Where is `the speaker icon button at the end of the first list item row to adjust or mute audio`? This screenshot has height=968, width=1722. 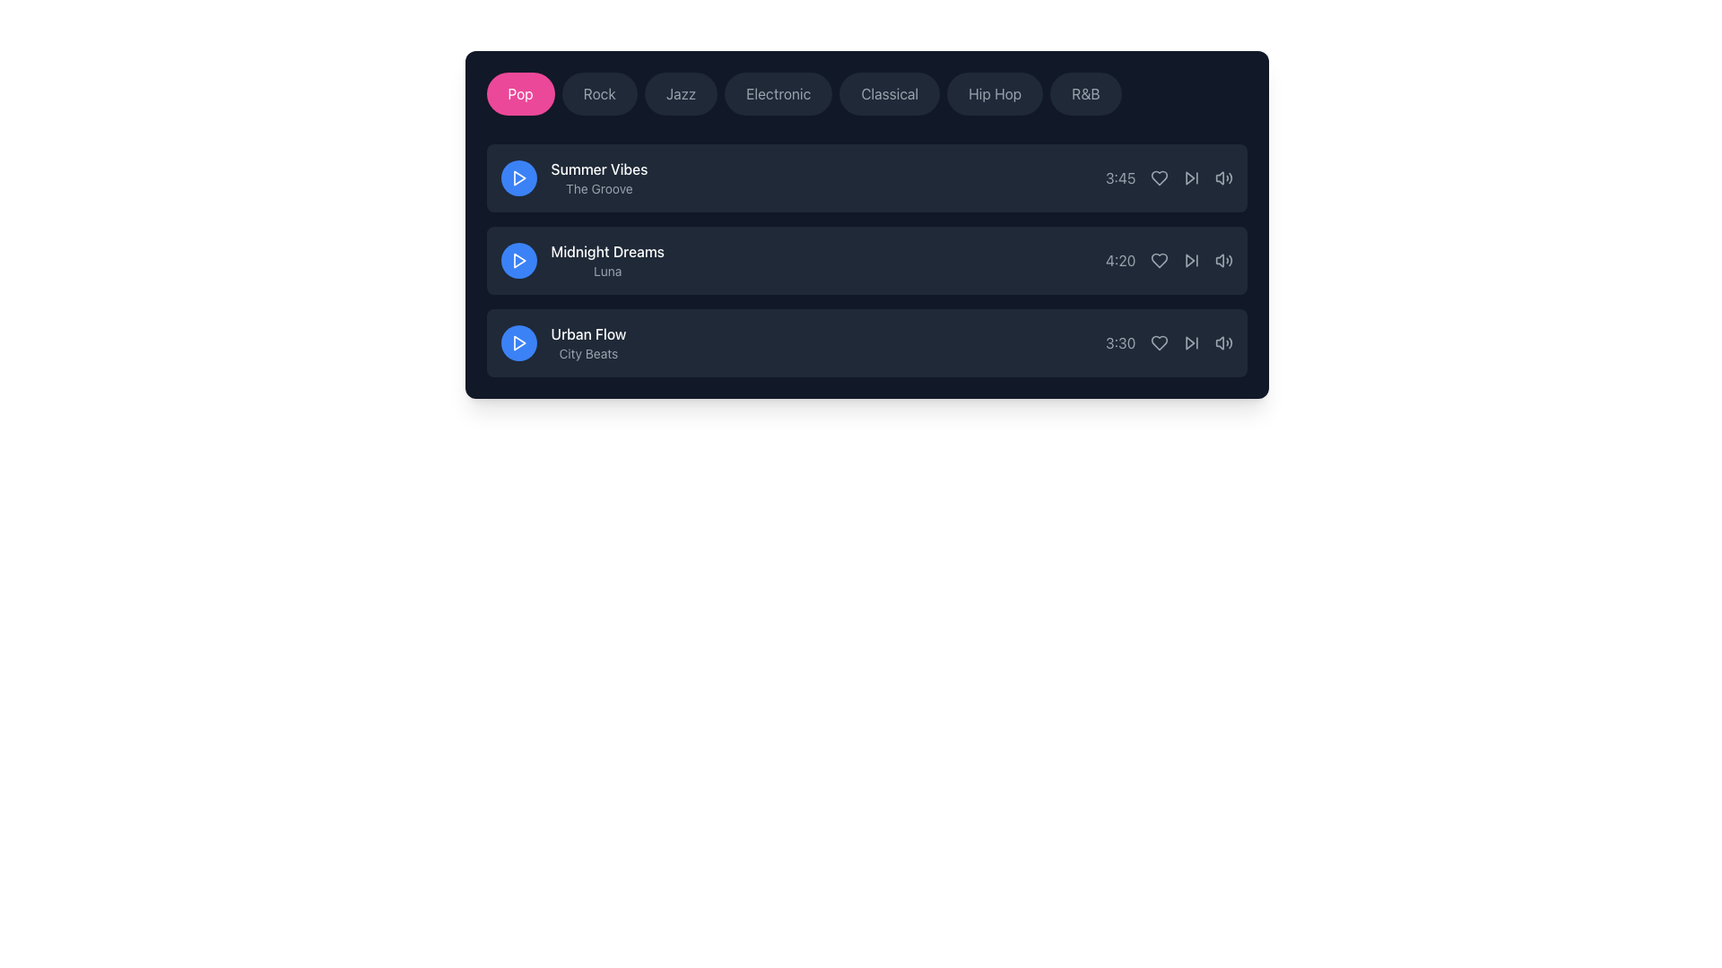
the speaker icon button at the end of the first list item row to adjust or mute audio is located at coordinates (1222, 178).